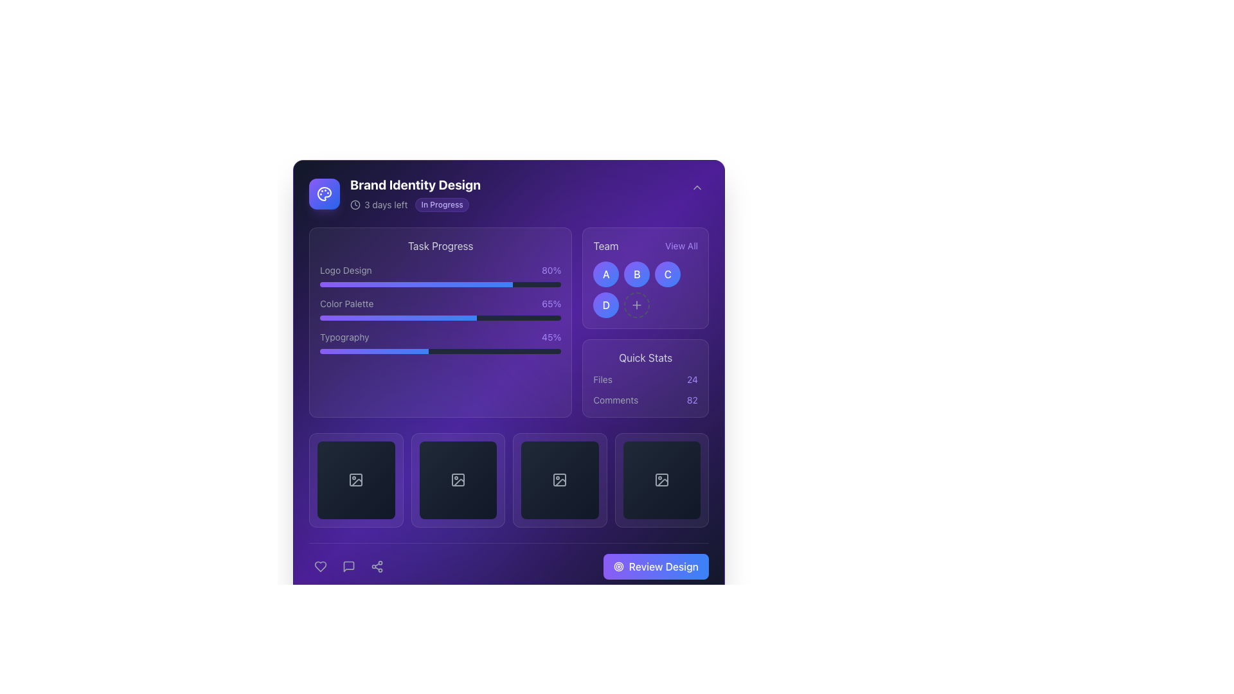 The width and height of the screenshot is (1234, 694). I want to click on the small button in the third column of the 'Team' section, which has a cross symbol, so click(637, 305).